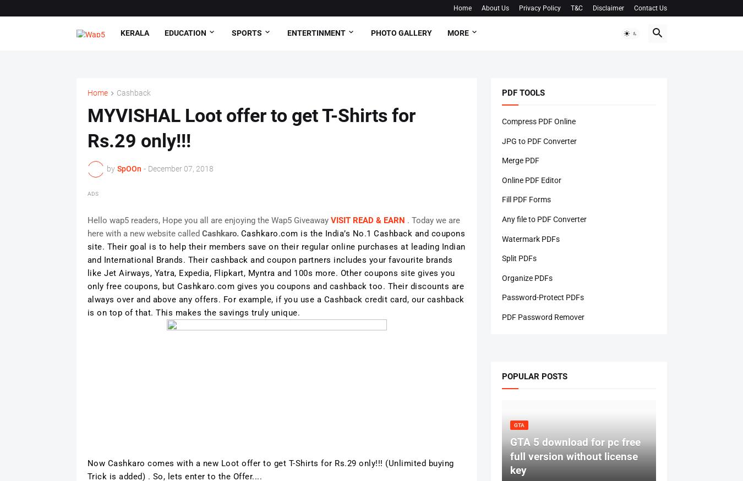  What do you see at coordinates (455, 63) in the screenshot?
I see `'Tech'` at bounding box center [455, 63].